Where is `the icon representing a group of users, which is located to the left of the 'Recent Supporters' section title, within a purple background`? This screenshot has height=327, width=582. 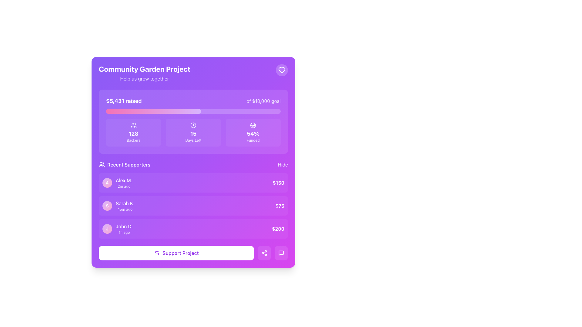 the icon representing a group of users, which is located to the left of the 'Recent Supporters' section title, within a purple background is located at coordinates (102, 164).